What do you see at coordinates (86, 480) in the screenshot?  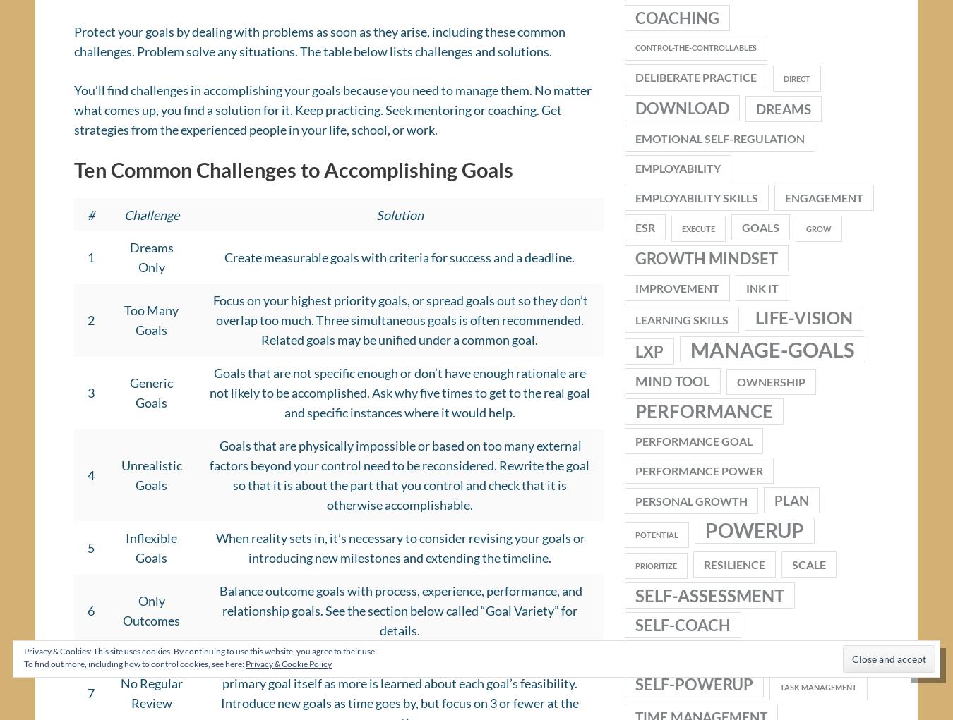 I see `'4'` at bounding box center [86, 480].